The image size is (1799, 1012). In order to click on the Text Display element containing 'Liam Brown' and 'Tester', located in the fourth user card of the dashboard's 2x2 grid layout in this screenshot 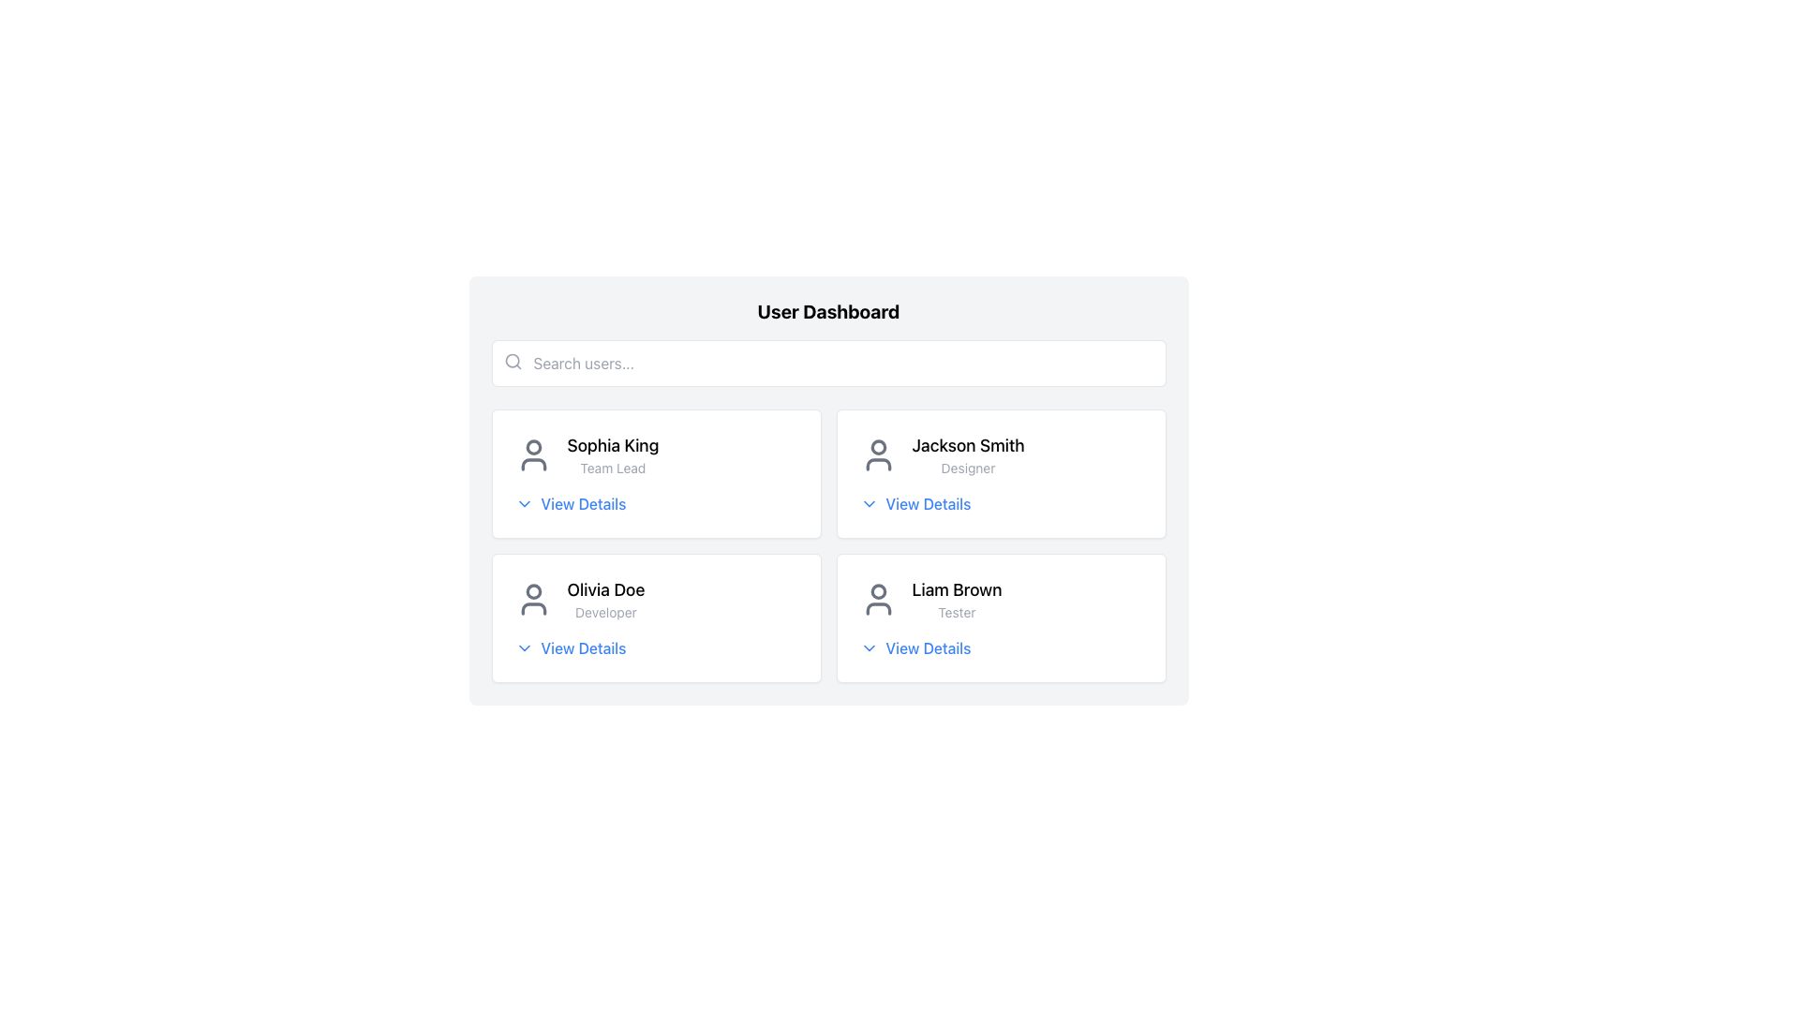, I will do `click(957, 600)`.